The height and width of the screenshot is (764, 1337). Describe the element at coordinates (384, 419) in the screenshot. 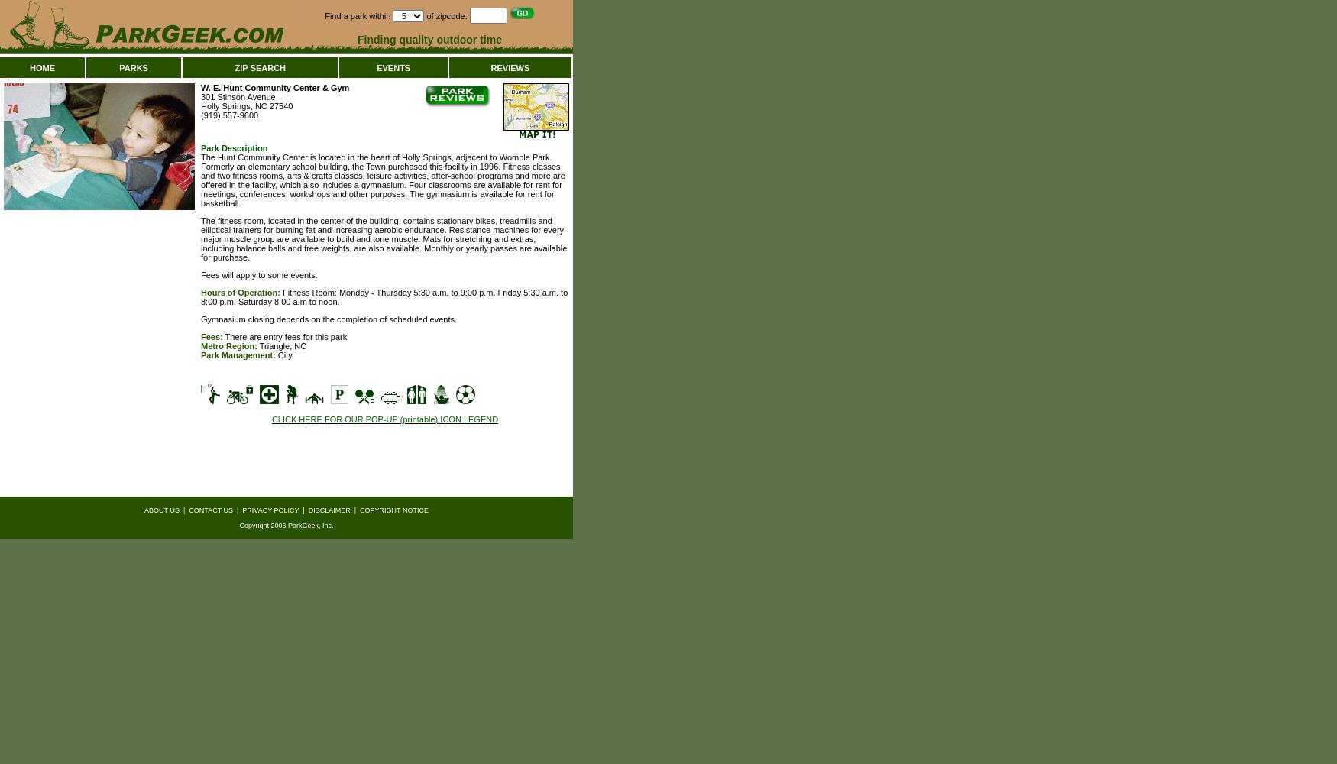

I see `'CLICK HERE FOR OUR POP-UP (printable) ICON LEGEND'` at that location.